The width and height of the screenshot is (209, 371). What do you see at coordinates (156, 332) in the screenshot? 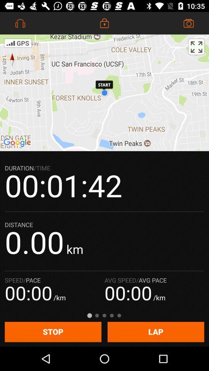
I see `the option lap which is in the bottom right corner` at bounding box center [156, 332].